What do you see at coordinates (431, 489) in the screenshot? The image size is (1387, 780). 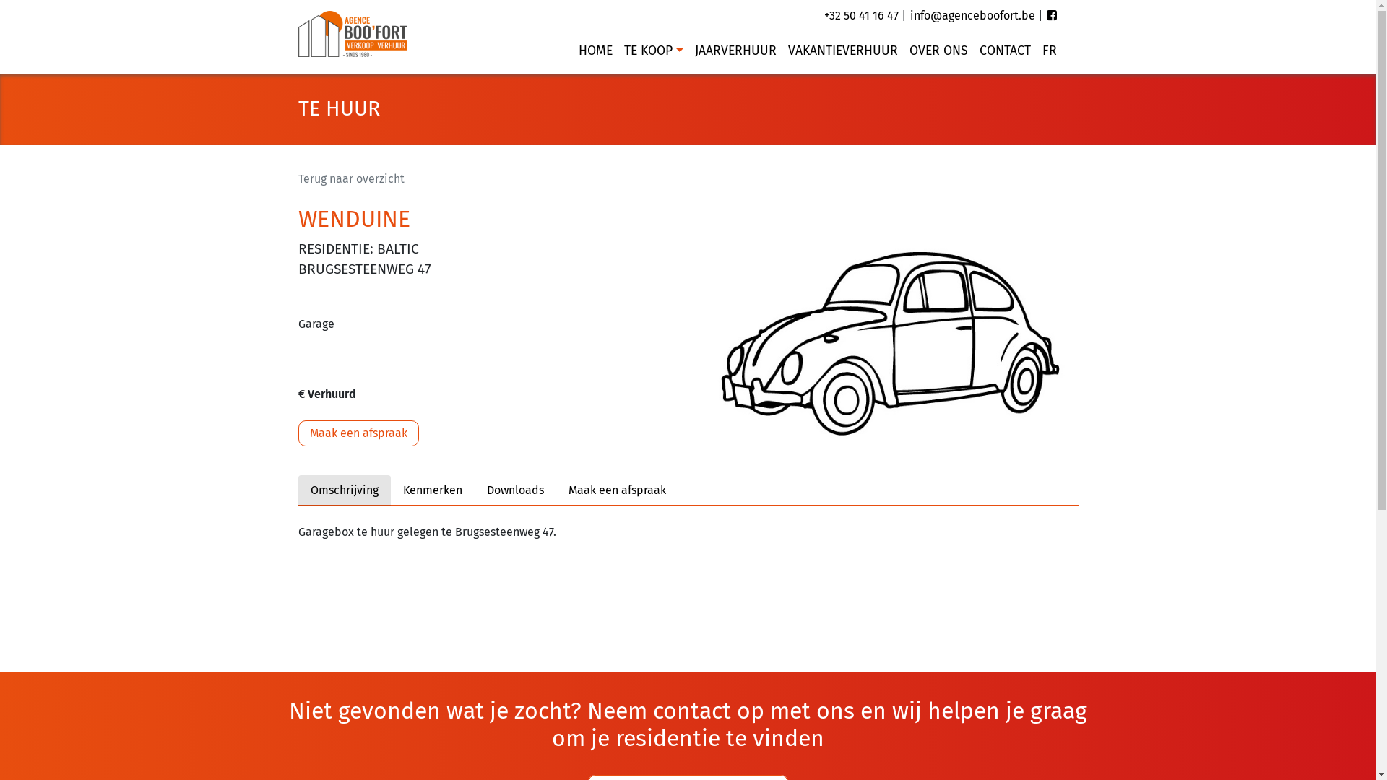 I see `'Kenmerken'` at bounding box center [431, 489].